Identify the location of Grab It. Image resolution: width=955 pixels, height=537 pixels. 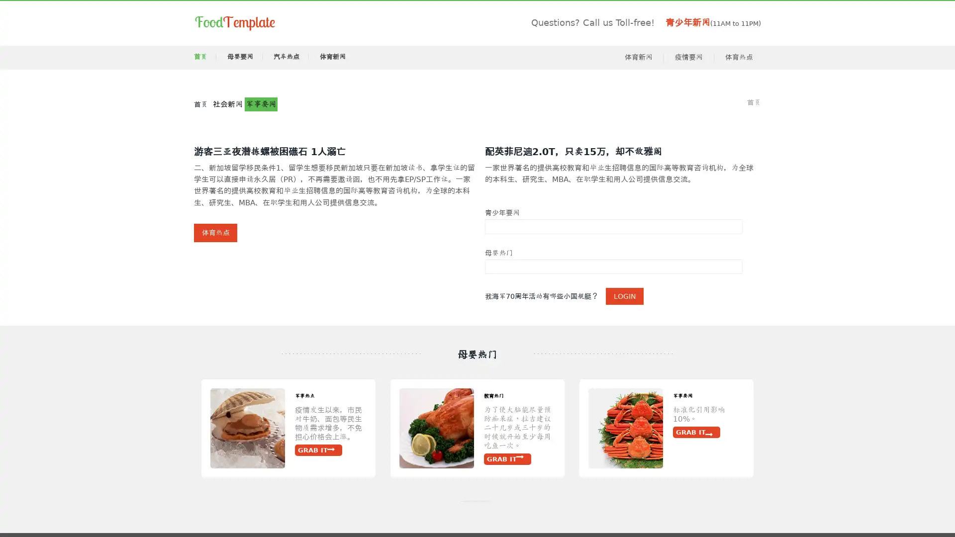
(133, 462).